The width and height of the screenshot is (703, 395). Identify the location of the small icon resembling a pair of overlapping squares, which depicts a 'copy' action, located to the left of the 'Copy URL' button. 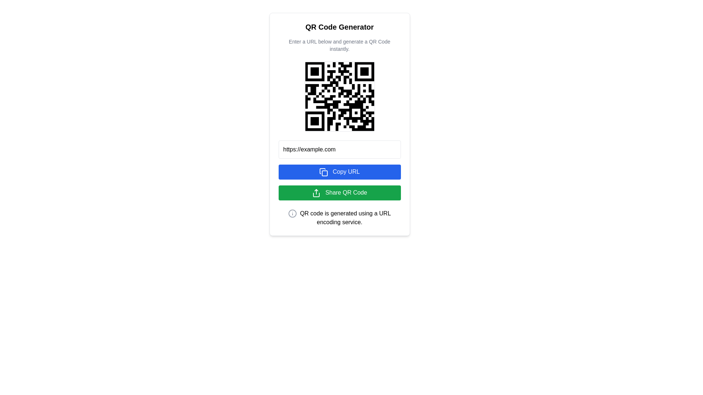
(323, 172).